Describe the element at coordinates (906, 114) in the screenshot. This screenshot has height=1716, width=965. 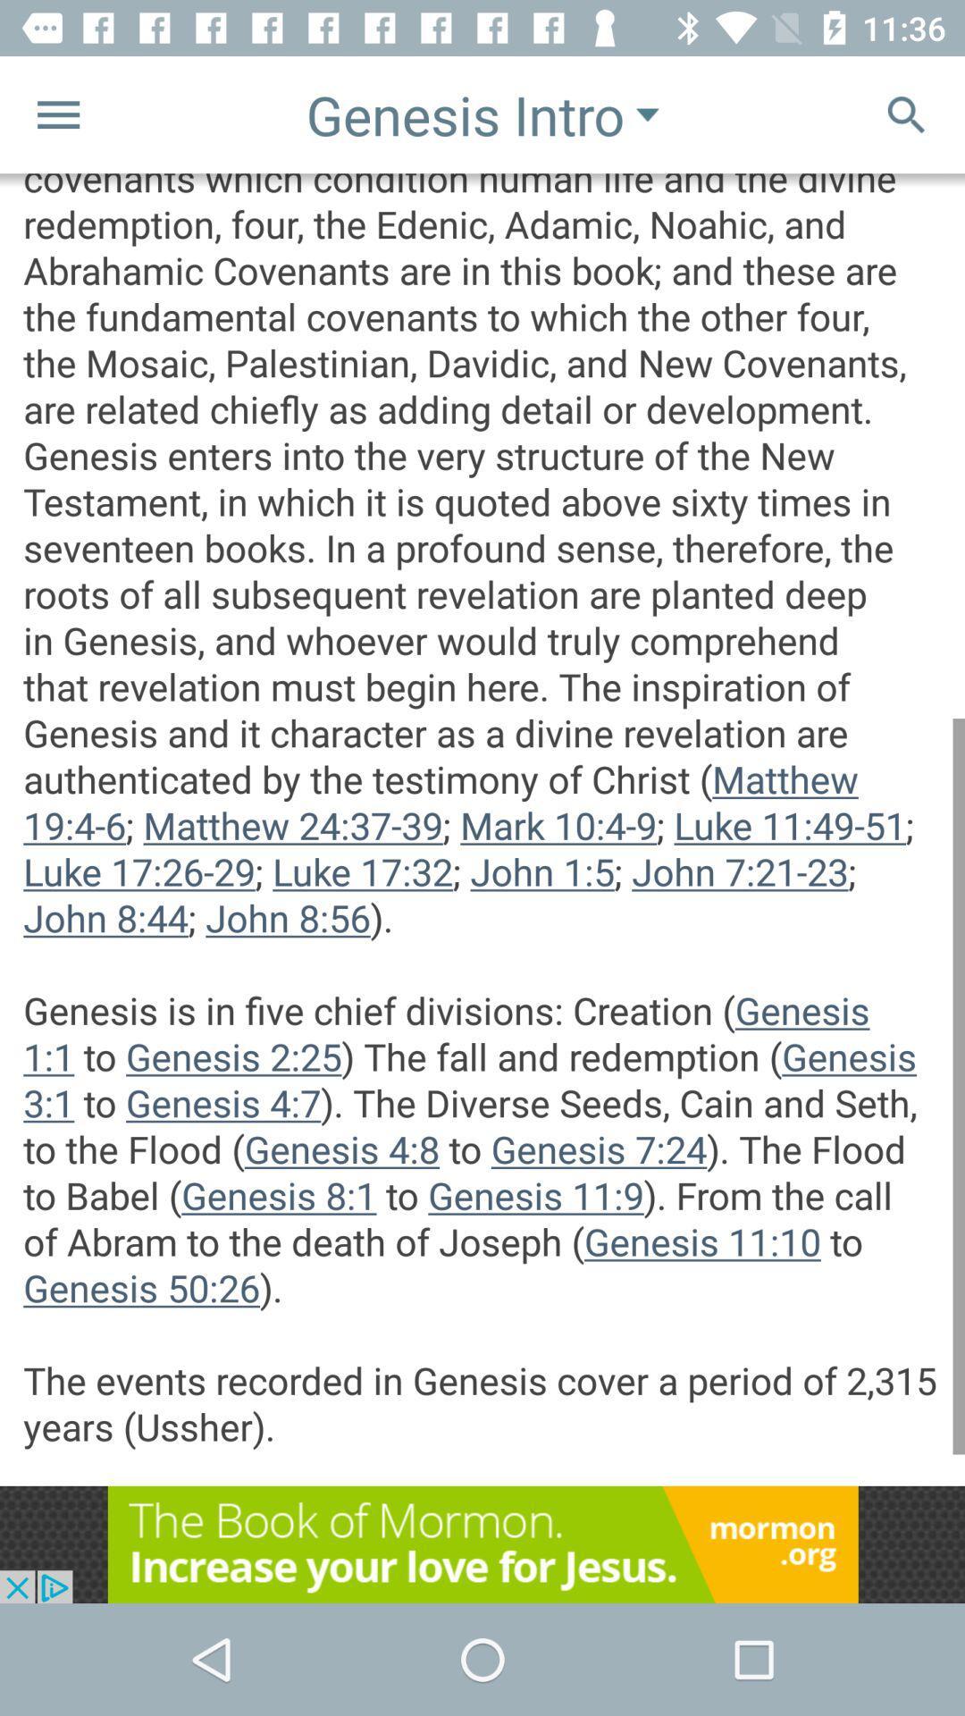
I see `search text` at that location.